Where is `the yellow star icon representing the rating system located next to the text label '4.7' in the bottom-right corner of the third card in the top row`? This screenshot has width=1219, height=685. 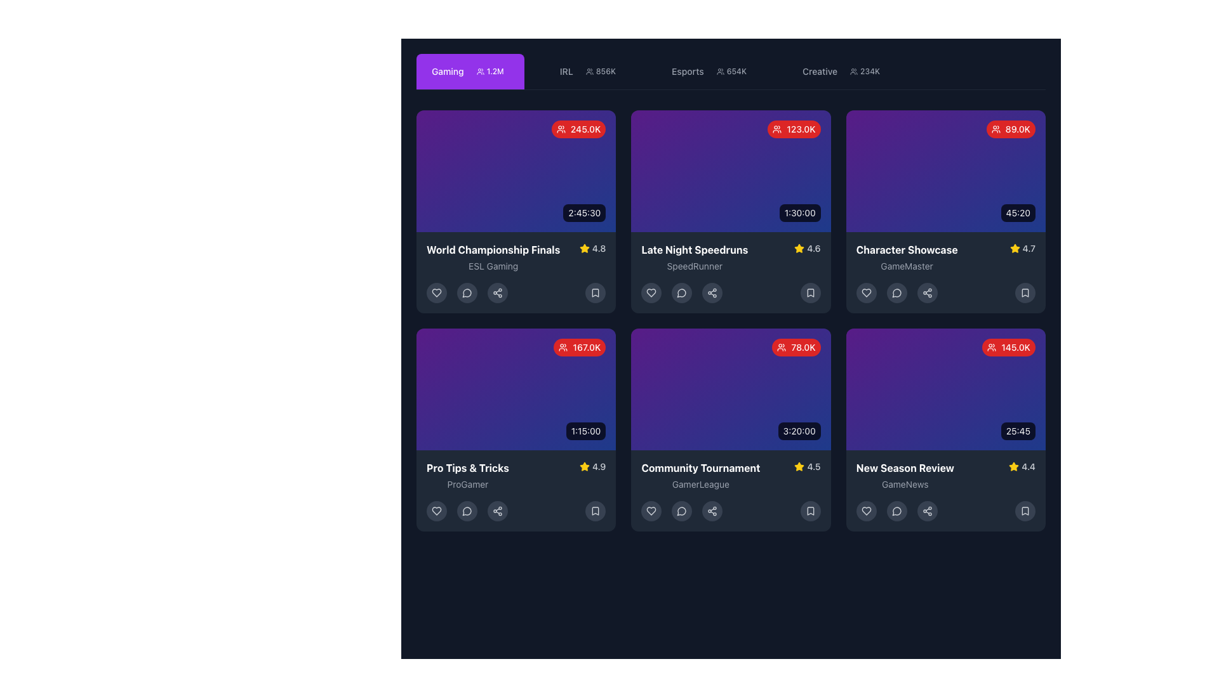
the yellow star icon representing the rating system located next to the text label '4.7' in the bottom-right corner of the third card in the top row is located at coordinates (1014, 249).